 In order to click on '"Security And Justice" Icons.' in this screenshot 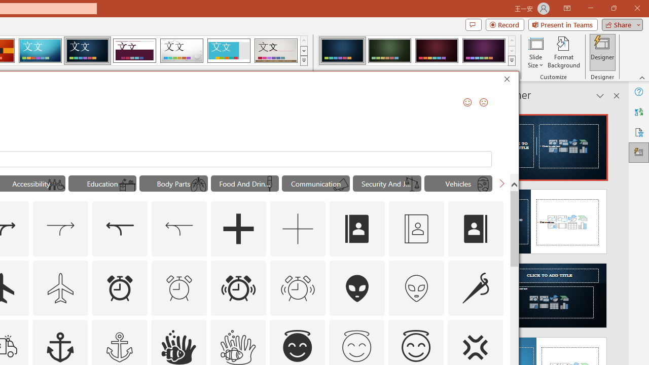, I will do `click(386, 184)`.